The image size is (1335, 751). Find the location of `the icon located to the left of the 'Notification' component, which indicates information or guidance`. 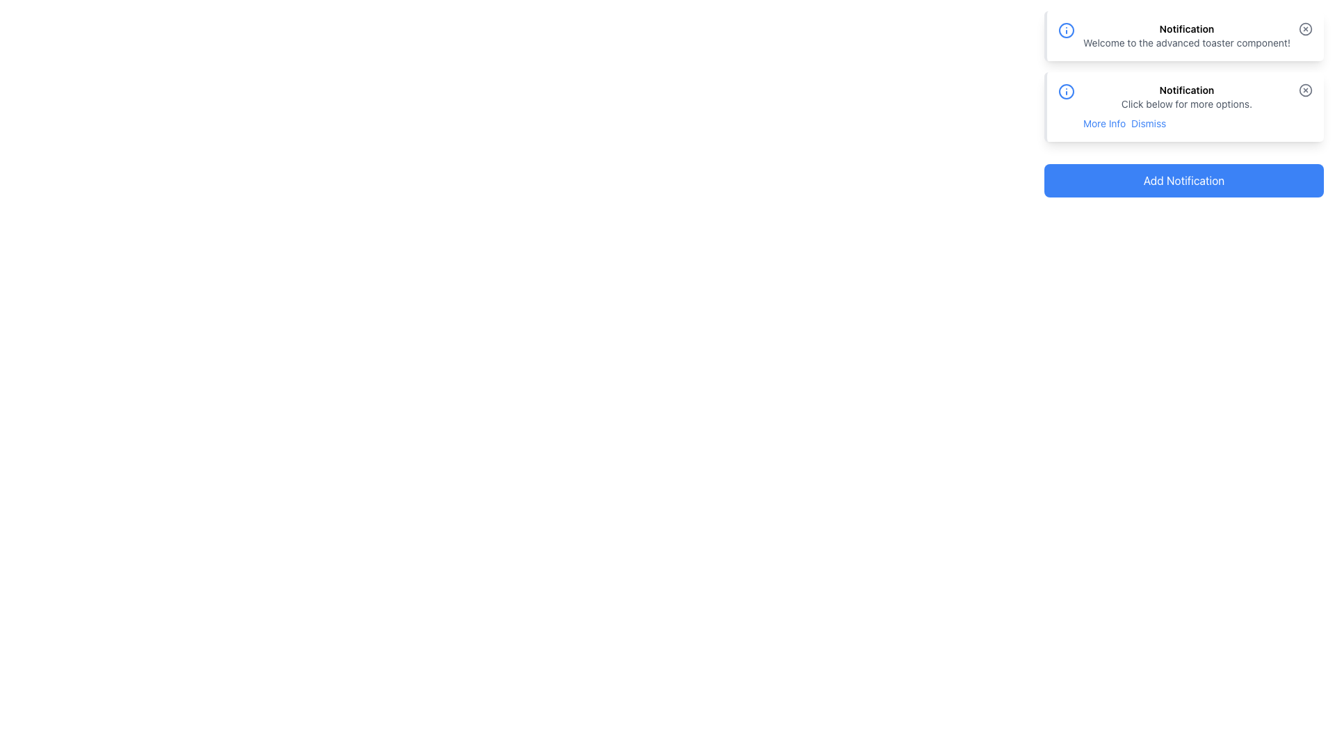

the icon located to the left of the 'Notification' component, which indicates information or guidance is located at coordinates (1065, 91).